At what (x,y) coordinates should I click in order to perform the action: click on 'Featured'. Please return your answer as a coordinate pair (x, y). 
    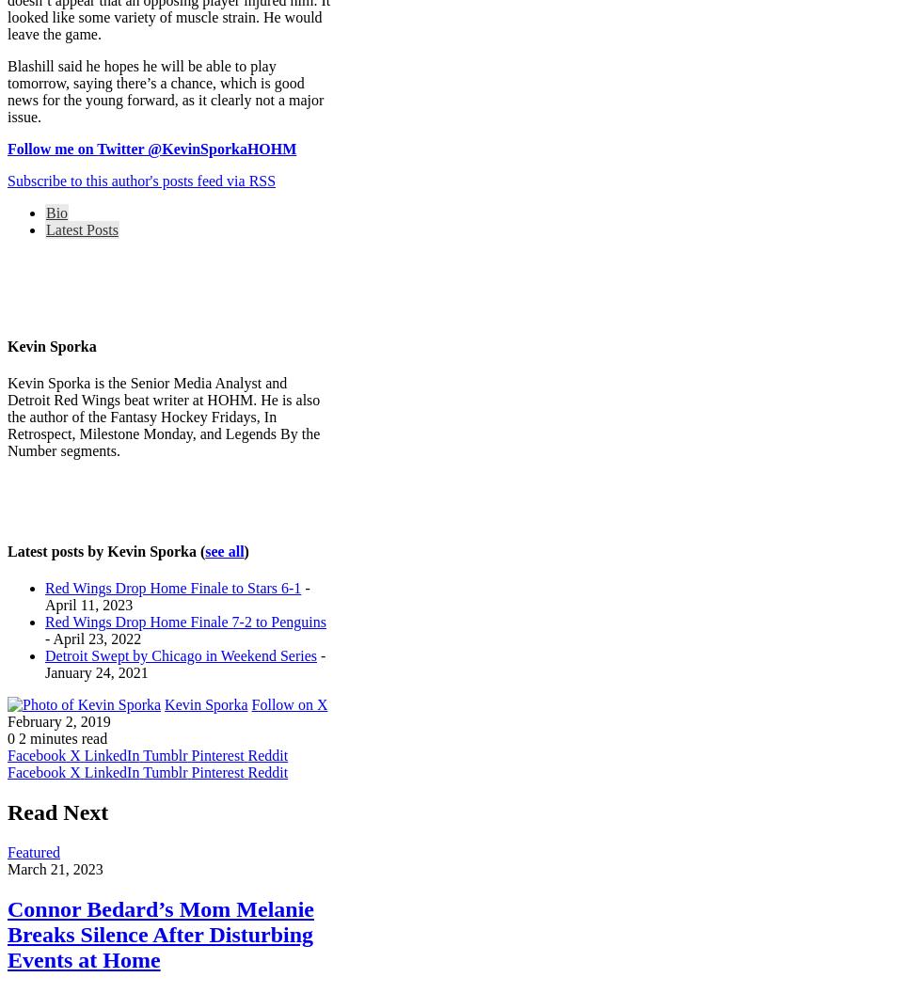
    Looking at the image, I should click on (33, 851).